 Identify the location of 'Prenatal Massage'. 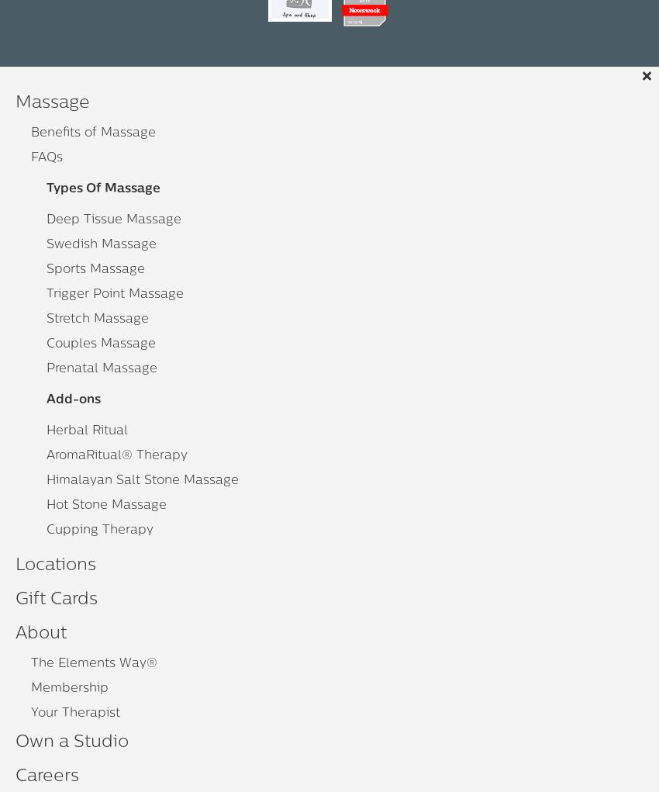
(102, 368).